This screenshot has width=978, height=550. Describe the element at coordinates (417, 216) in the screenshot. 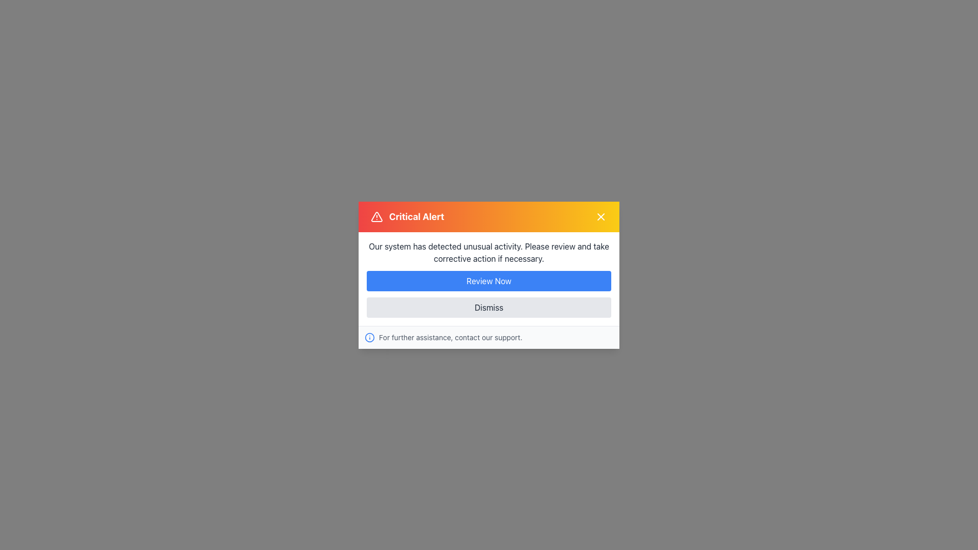

I see `bold white text label saying 'Critical Alert' displayed on a gradient background in the top banner of the modal dialog` at that location.